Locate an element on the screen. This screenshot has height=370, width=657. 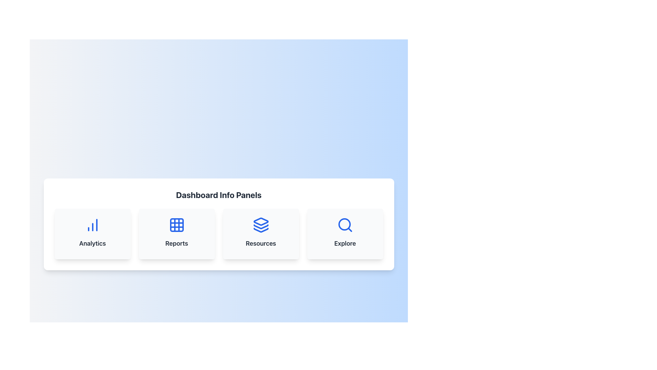
the vector graphic line component that visually contributes to the handle of the search icon in the bottom-right area of the 'Explore' feature is located at coordinates (350, 230).